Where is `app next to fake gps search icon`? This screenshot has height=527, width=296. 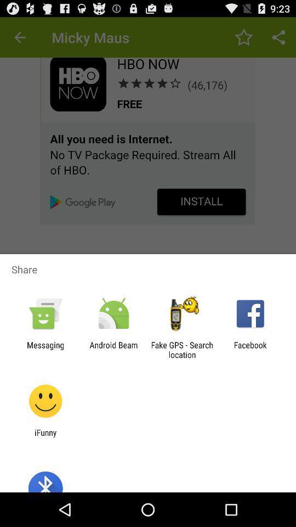 app next to fake gps search icon is located at coordinates (113, 349).